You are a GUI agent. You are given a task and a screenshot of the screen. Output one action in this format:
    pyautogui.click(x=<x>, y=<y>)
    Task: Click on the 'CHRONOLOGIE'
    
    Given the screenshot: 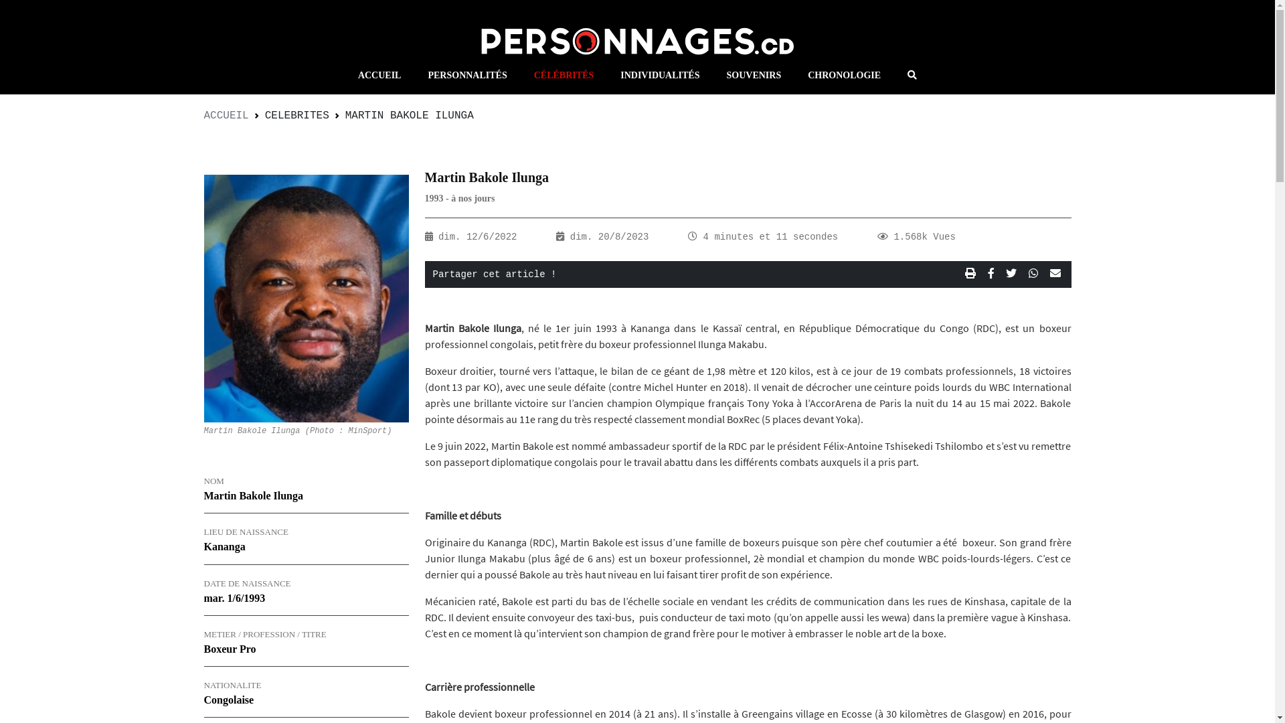 What is the action you would take?
    pyautogui.click(x=794, y=75)
    